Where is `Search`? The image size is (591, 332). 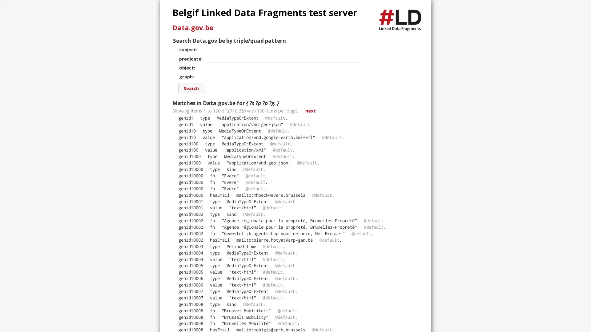 Search is located at coordinates (191, 88).